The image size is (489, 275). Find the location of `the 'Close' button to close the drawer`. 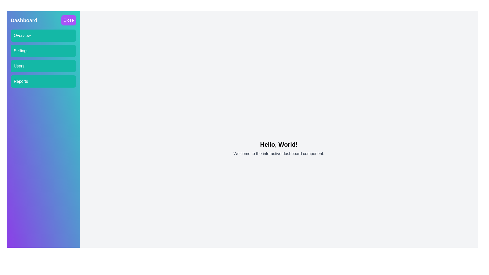

the 'Close' button to close the drawer is located at coordinates (68, 20).